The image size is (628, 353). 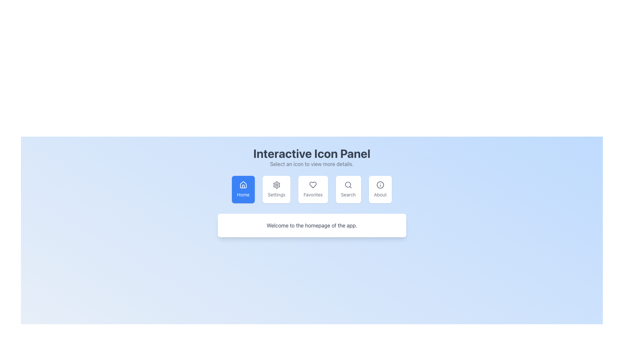 I want to click on the heart-shaped icon labeled 'Favorites', so click(x=313, y=185).